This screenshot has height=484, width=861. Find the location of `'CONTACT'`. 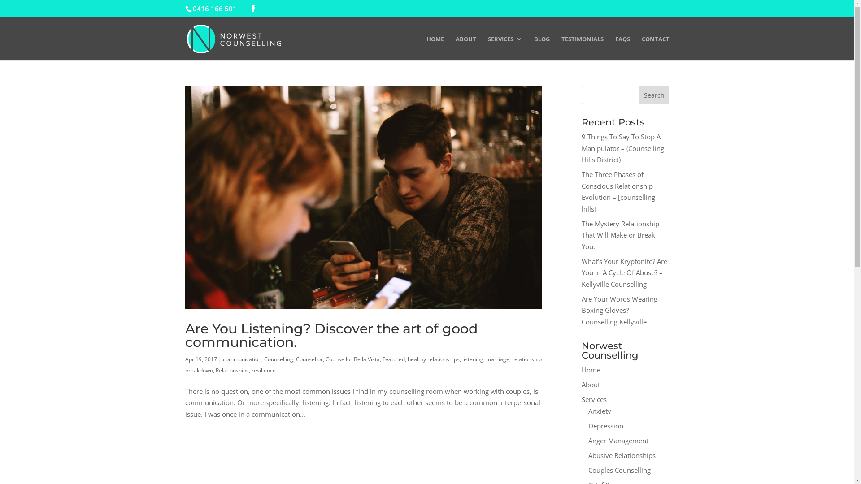

'CONTACT' is located at coordinates (641, 48).